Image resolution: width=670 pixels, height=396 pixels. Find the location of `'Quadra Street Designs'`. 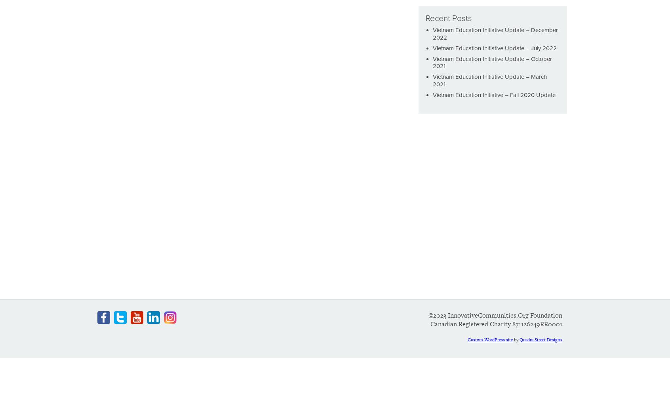

'Quadra Street Designs' is located at coordinates (519, 339).